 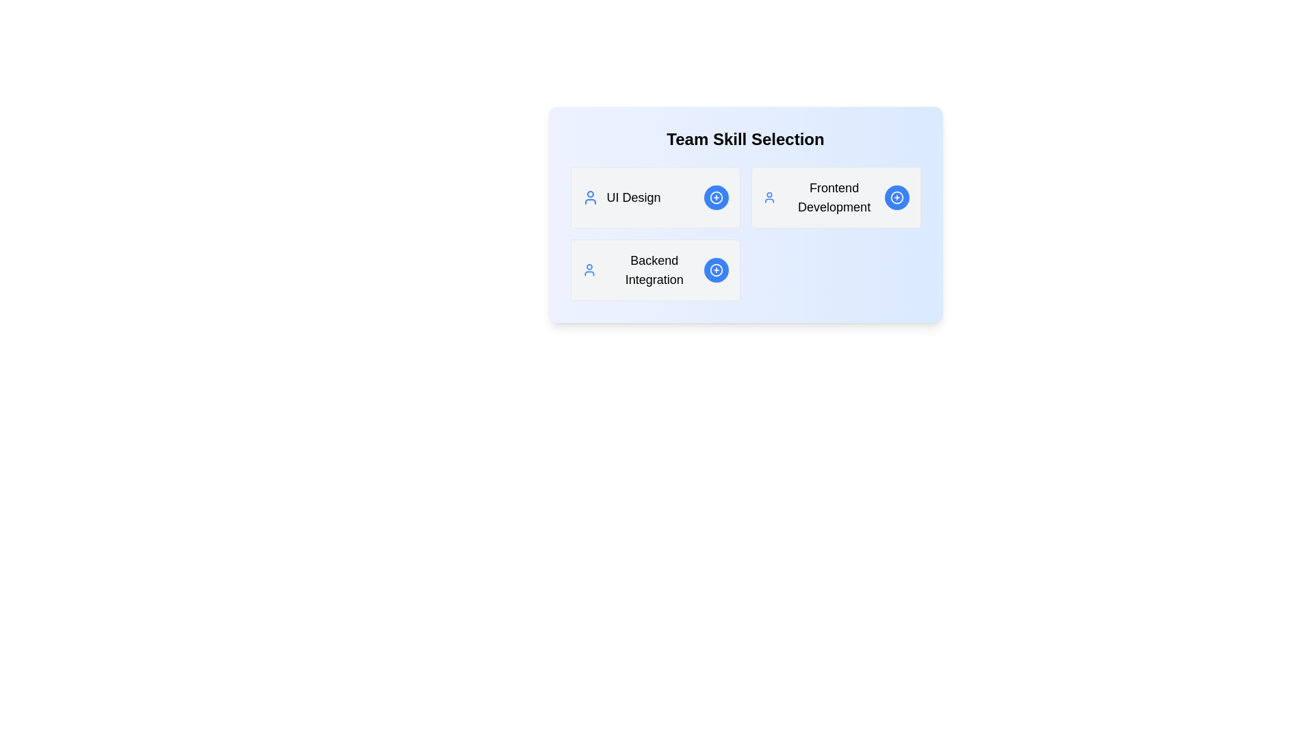 What do you see at coordinates (654, 198) in the screenshot?
I see `the skill card labeled UI Design` at bounding box center [654, 198].